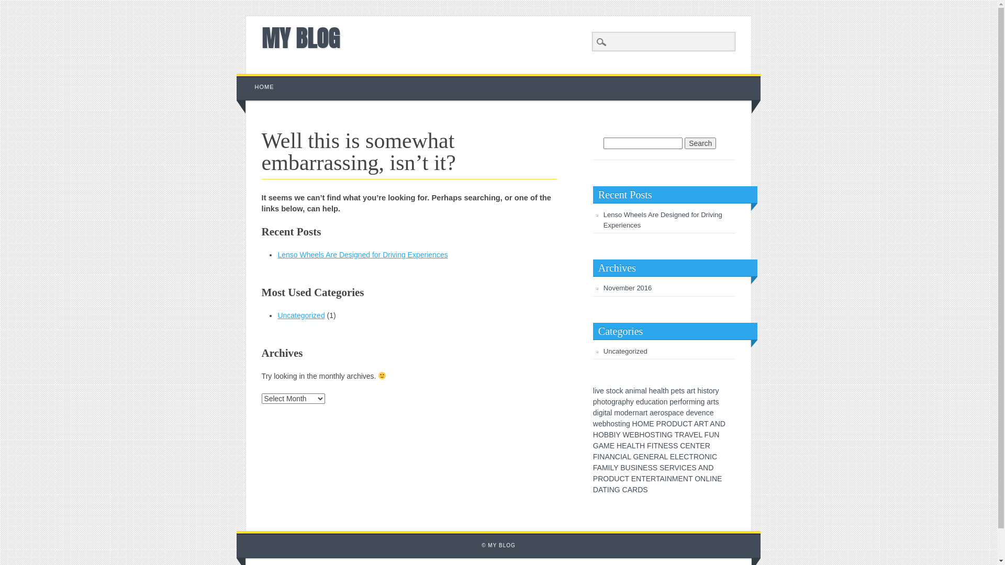 This screenshot has height=565, width=1005. Describe the element at coordinates (601, 434) in the screenshot. I see `'O'` at that location.